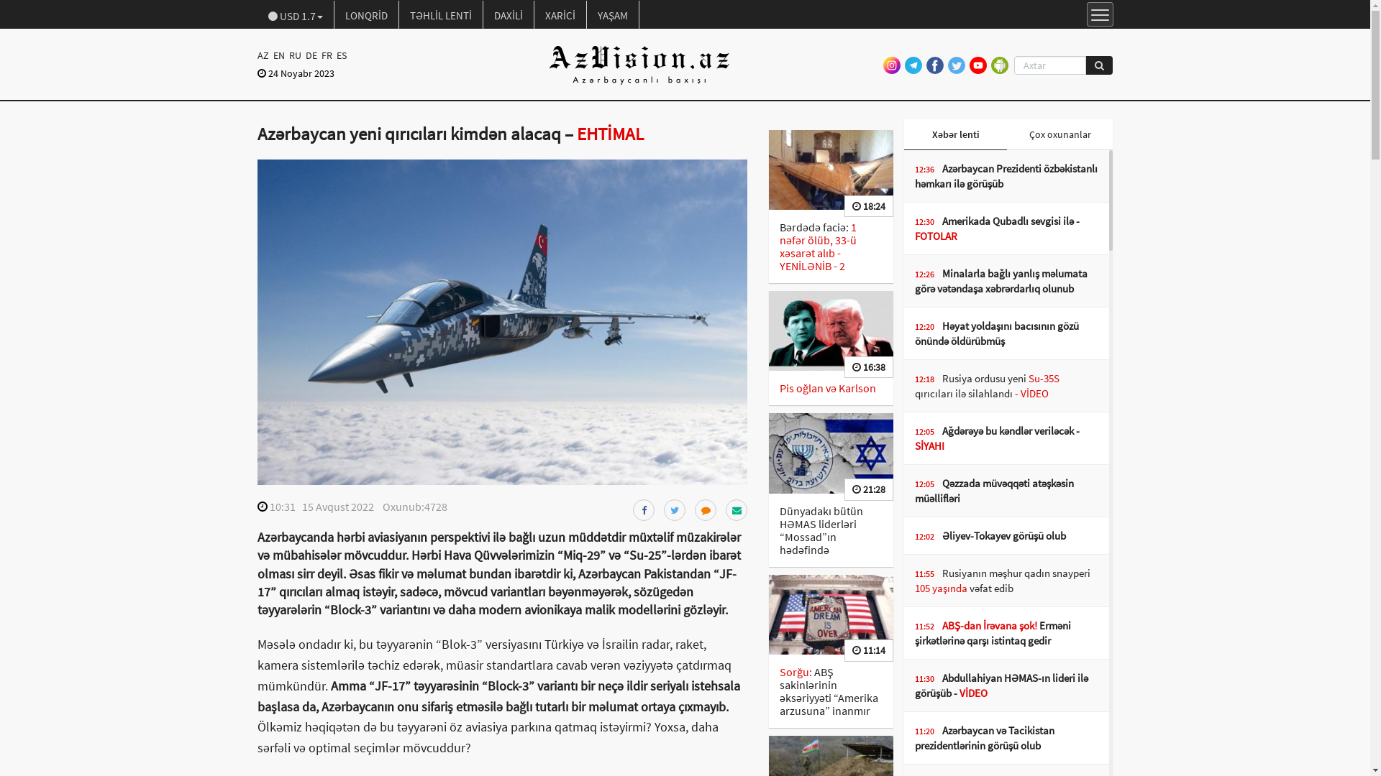 This screenshot has width=1381, height=776. Describe the element at coordinates (295, 14) in the screenshot. I see `'USD 1.7'` at that location.